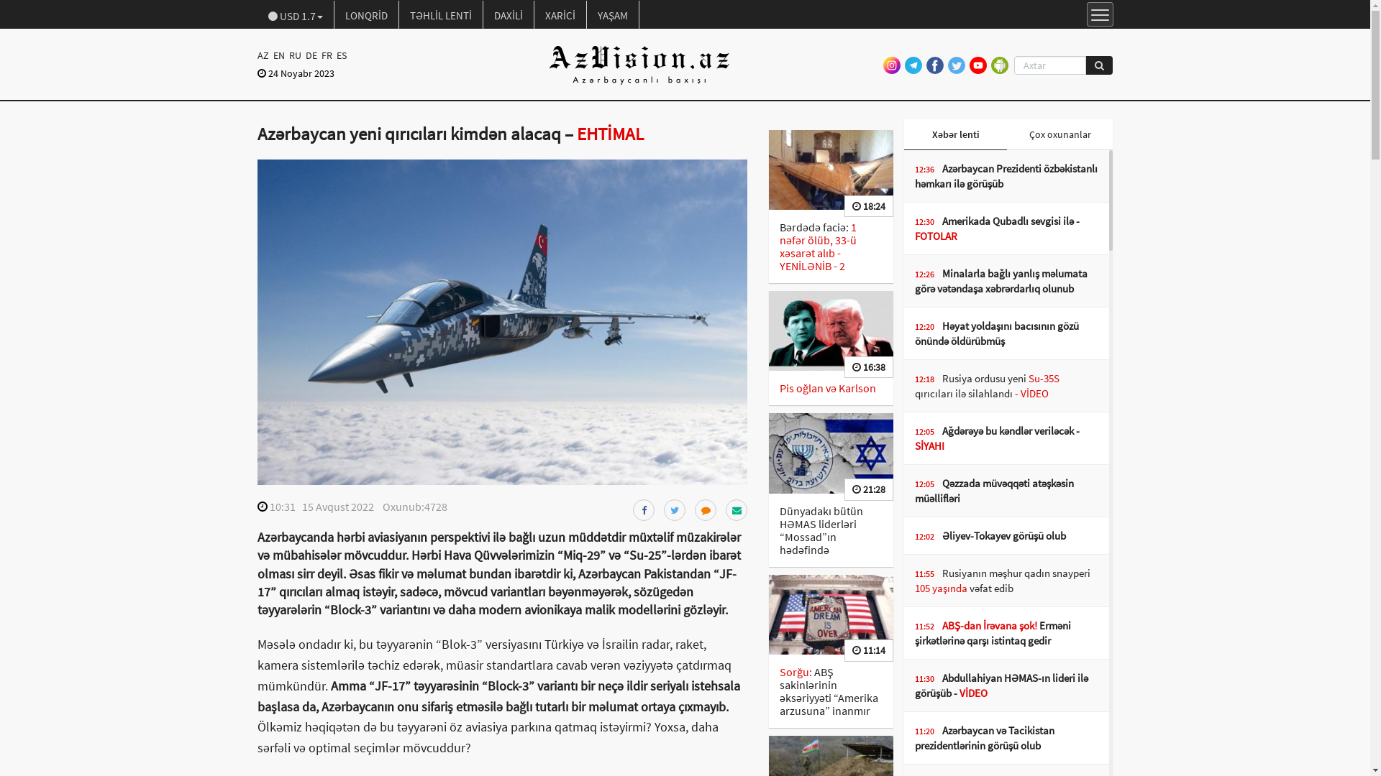 This screenshot has width=1381, height=776. Describe the element at coordinates (295, 14) in the screenshot. I see `'USD 1.7'` at that location.